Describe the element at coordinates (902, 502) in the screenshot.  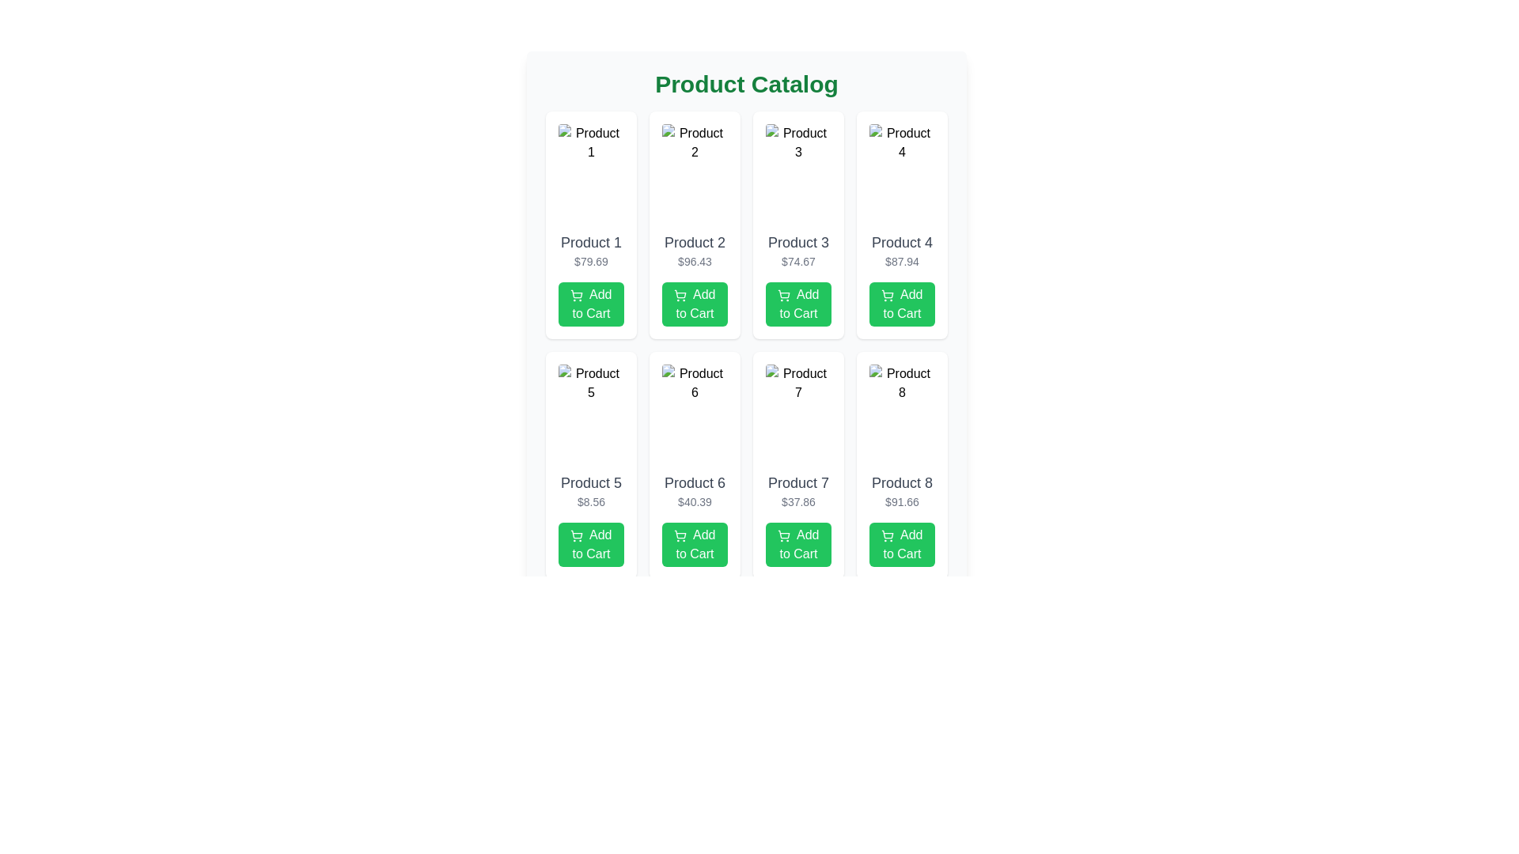
I see `the static text displaying the price of the product associated with 'Product 8' in the second row and fourth column of the grid layout, located above the 'Add to Cart' button` at that location.